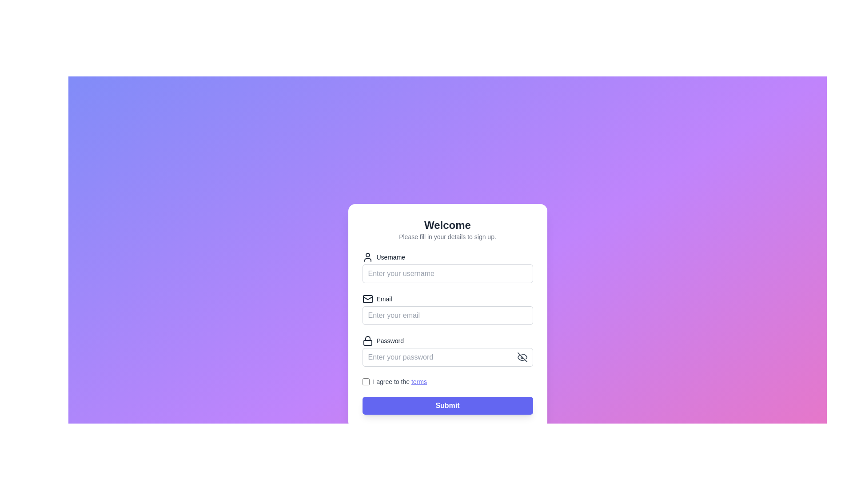 Image resolution: width=853 pixels, height=480 pixels. Describe the element at coordinates (367, 257) in the screenshot. I see `Decorative user icon located to the left of the 'Username' label, aligned with the input field for entering a username` at that location.